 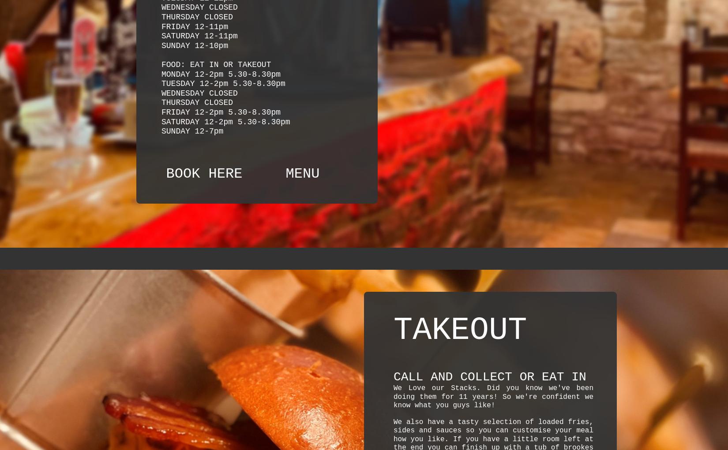 I want to click on 'TUESDAY 12-2pm 5.30-8.30pm', so click(x=223, y=83).